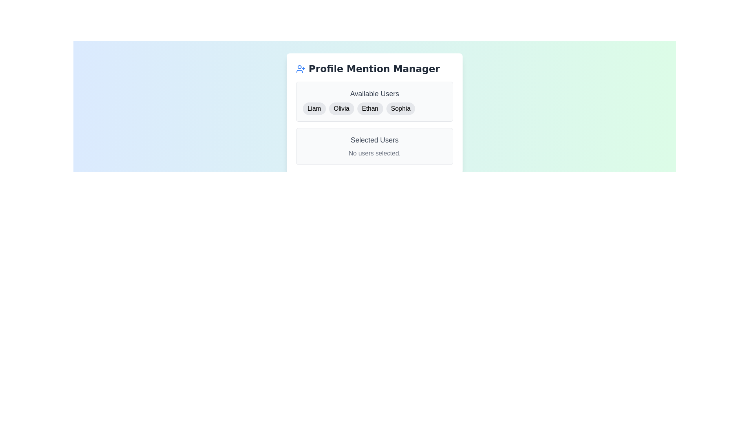  What do you see at coordinates (374, 69) in the screenshot?
I see `the 'Profile Mention Manager' title with the user icon` at bounding box center [374, 69].